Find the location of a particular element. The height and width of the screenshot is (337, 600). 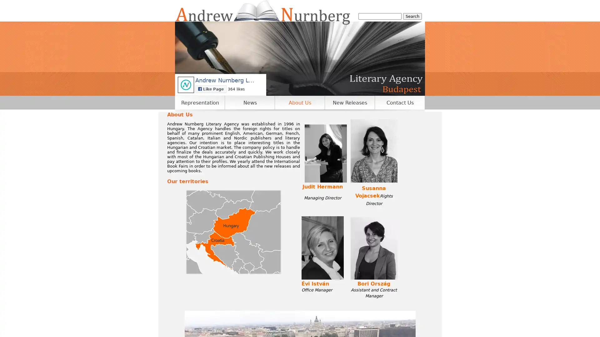

Search is located at coordinates (412, 16).